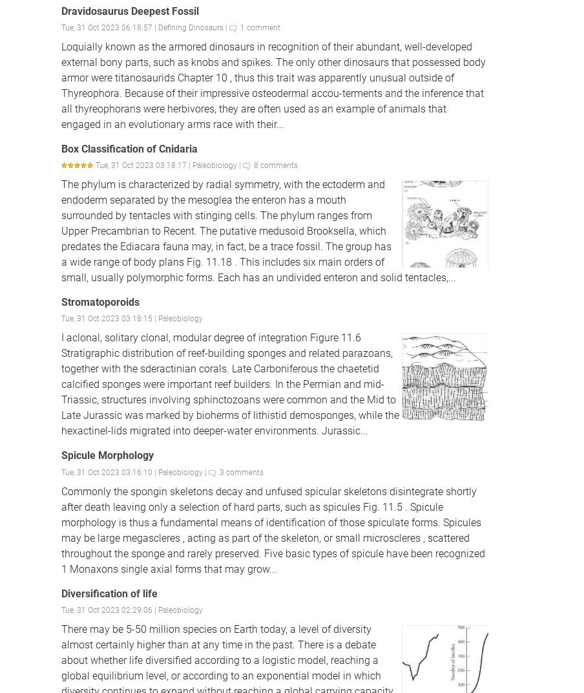  I want to click on 'Commonly the spongin skeletons decay and unfused spicular skeletons disintegrate shortly after death leaving only a selection of hard parts, such as spicules Fig. 11.5 . Spicule morphology is thus a fundamental means of identification of those spiculate forms. Spicules may be large megascleres , acting as part of the skeleton, or small microscleres , scattered throughout the sponge and rarely preserved. Five basic types of spicule have been recognized 1 Monaxons single axial forms that may grow...', so click(61, 529).